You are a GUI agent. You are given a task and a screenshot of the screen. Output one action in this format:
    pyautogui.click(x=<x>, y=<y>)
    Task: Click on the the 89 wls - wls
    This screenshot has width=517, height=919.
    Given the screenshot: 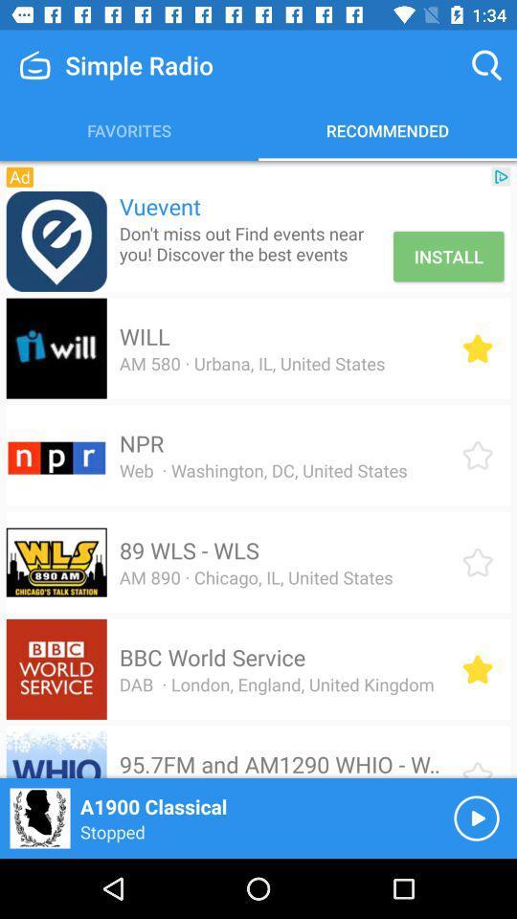 What is the action you would take?
    pyautogui.click(x=189, y=550)
    